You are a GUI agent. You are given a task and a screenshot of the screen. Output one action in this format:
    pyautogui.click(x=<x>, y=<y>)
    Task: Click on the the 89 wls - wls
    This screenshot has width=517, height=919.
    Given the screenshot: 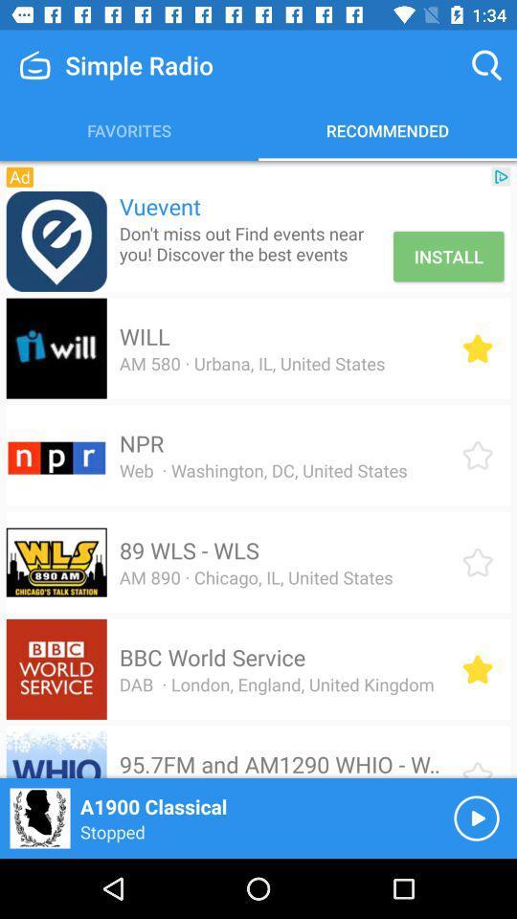 What is the action you would take?
    pyautogui.click(x=189, y=550)
    